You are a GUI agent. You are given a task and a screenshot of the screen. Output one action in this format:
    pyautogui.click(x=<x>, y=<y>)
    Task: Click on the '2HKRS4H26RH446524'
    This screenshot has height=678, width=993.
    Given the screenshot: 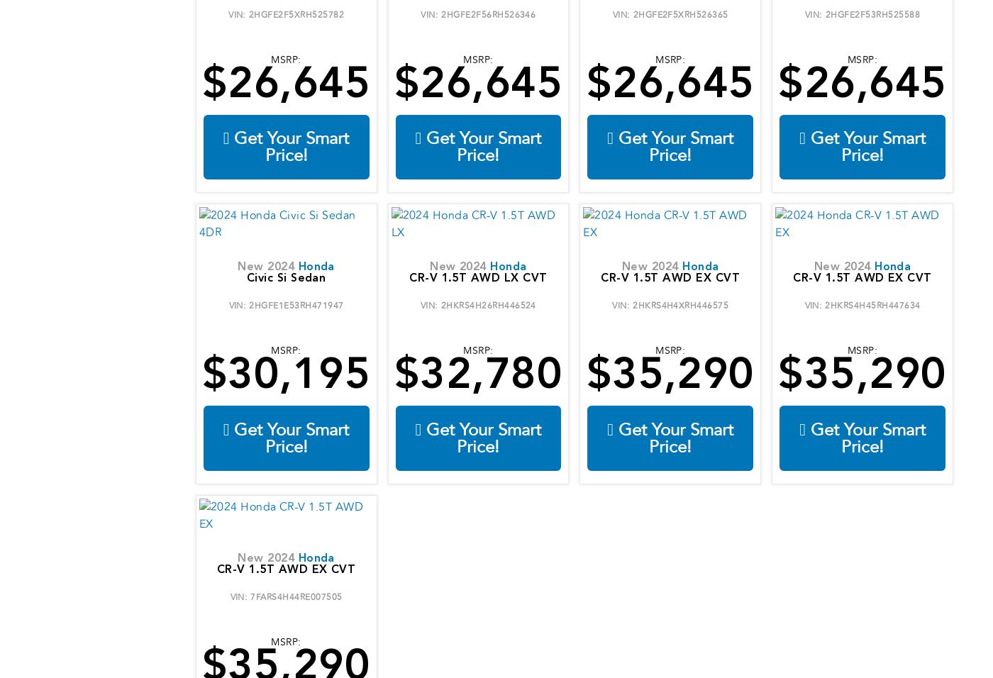 What is the action you would take?
    pyautogui.click(x=487, y=305)
    